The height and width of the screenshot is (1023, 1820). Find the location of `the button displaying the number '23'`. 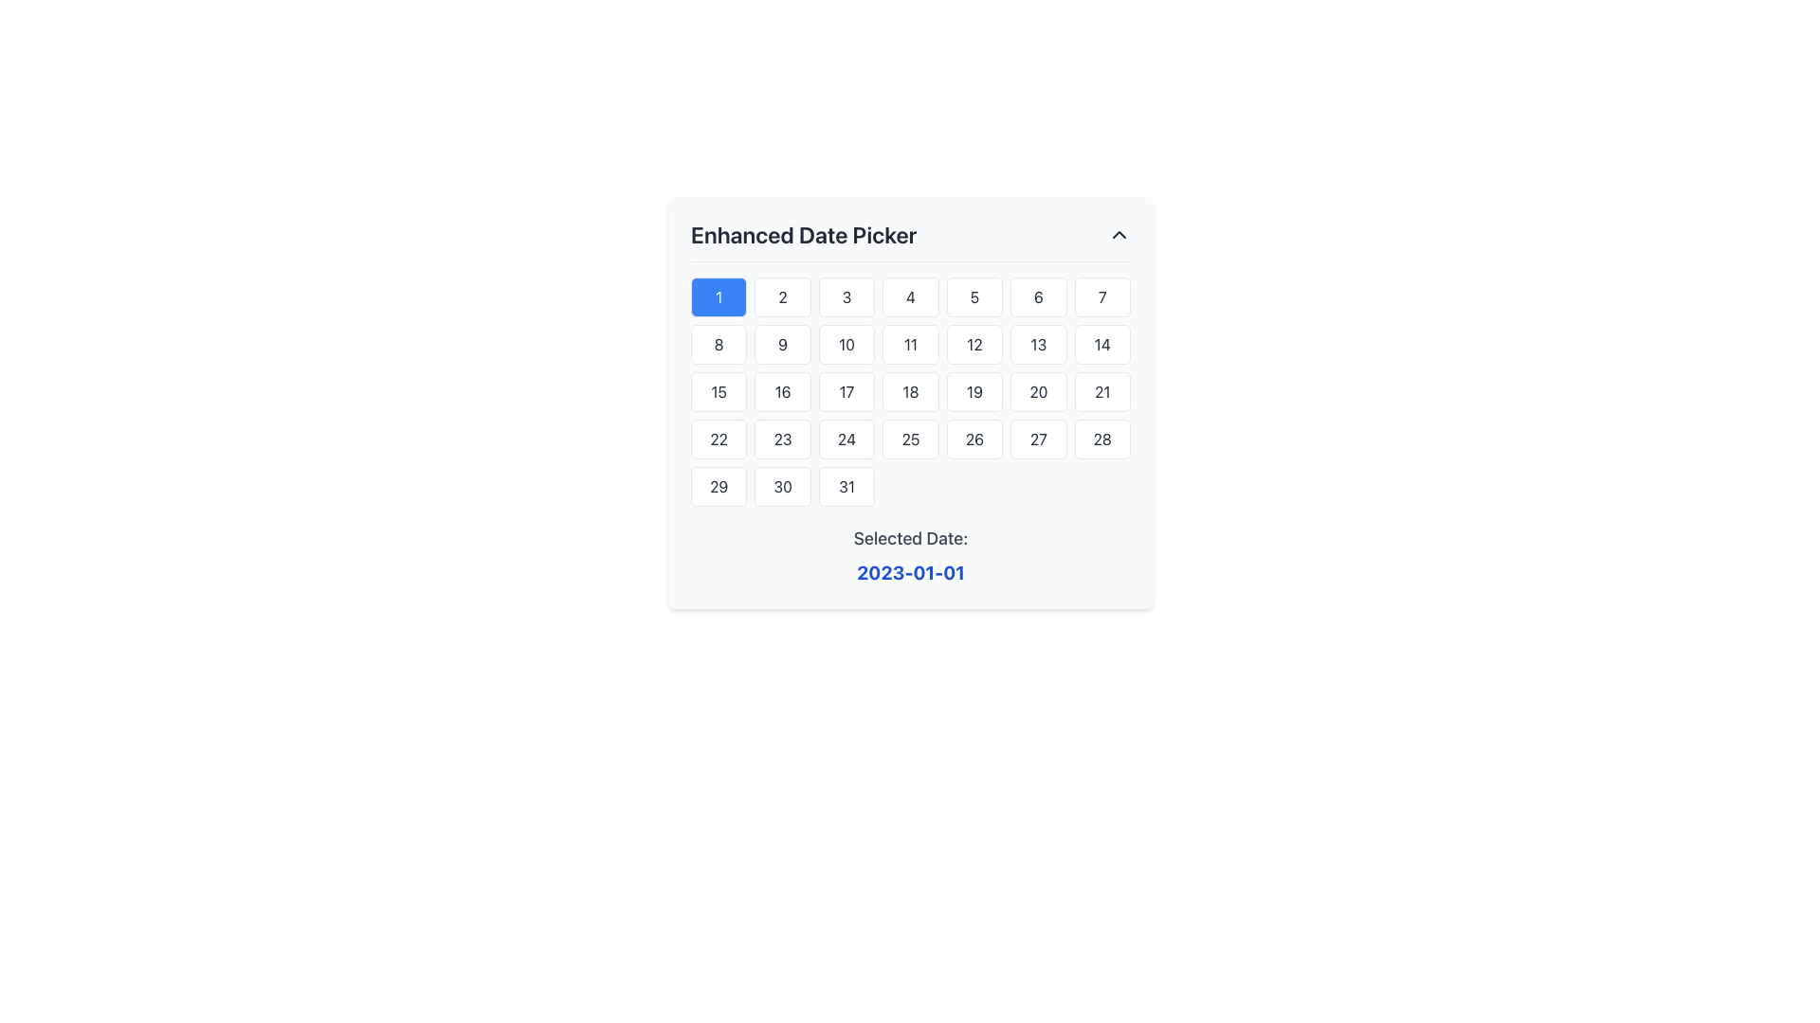

the button displaying the number '23' is located at coordinates (783, 439).